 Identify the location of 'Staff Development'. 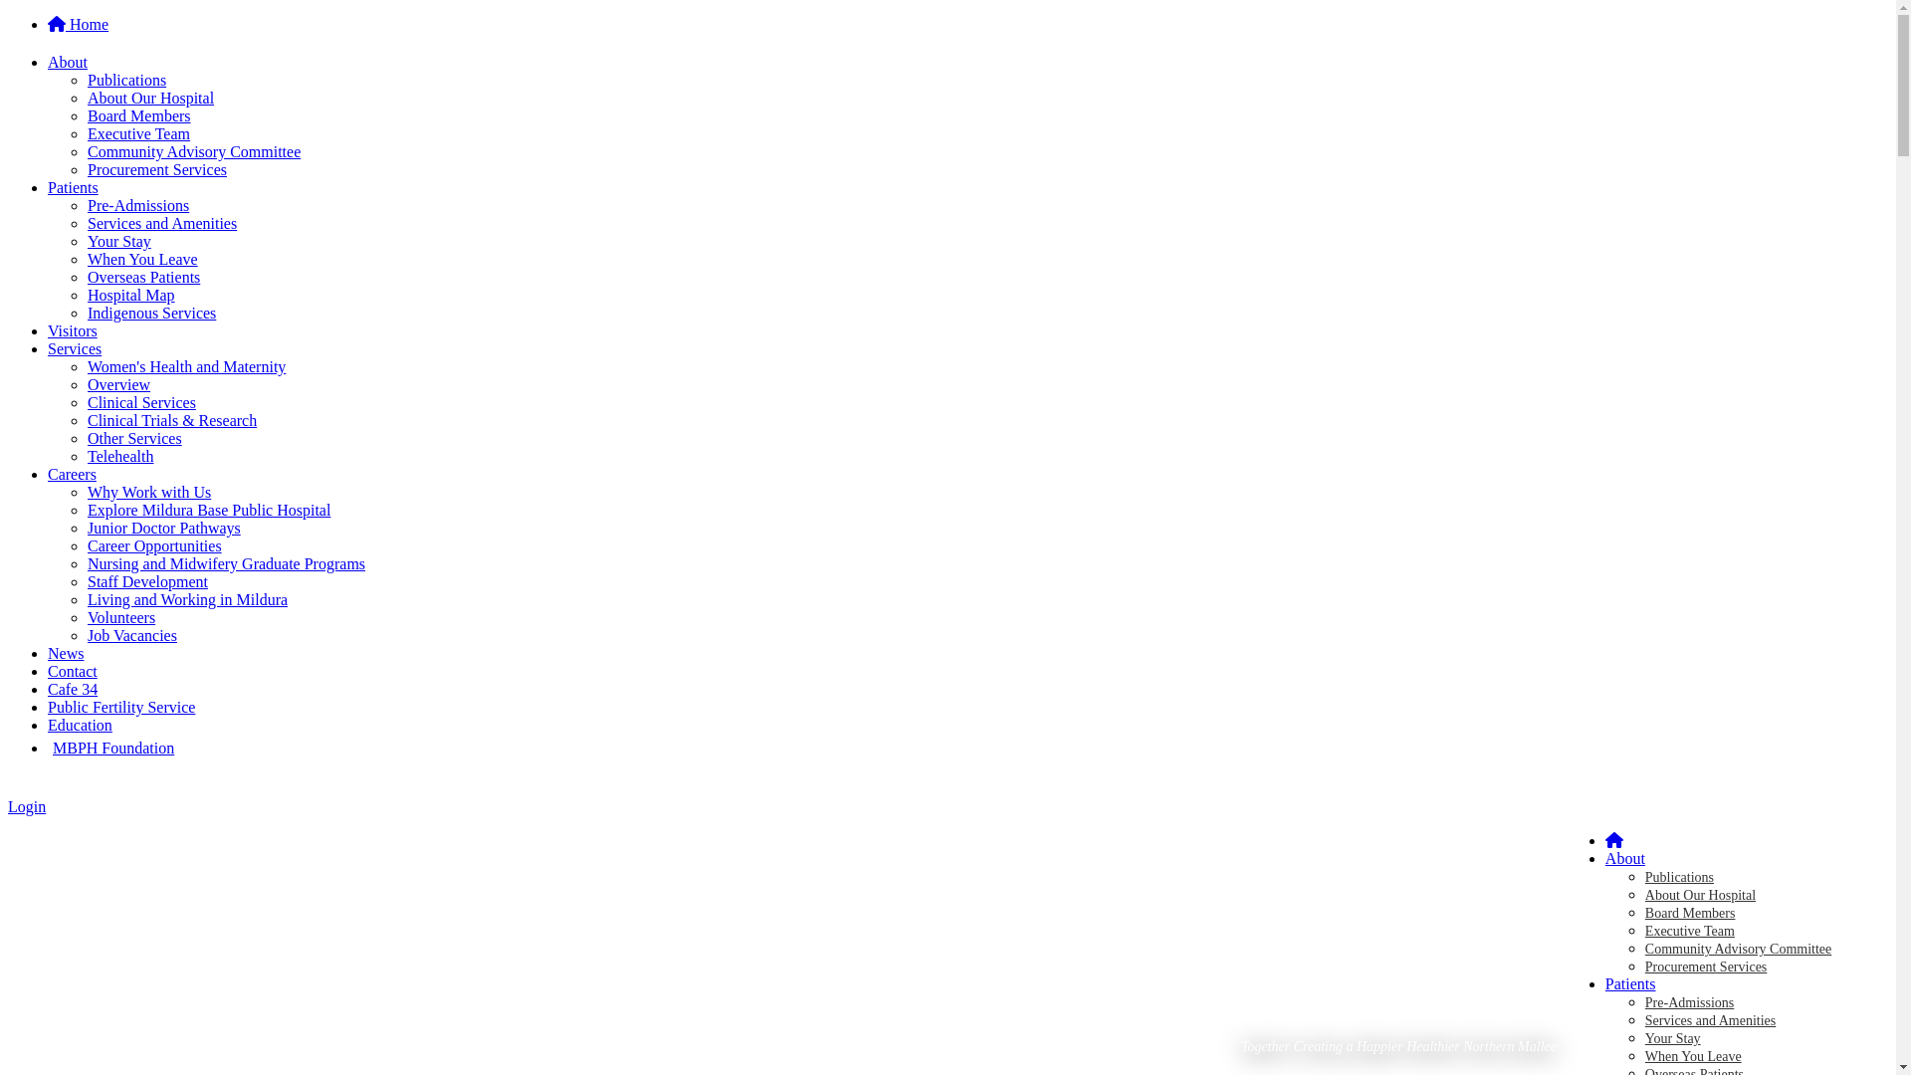
(86, 581).